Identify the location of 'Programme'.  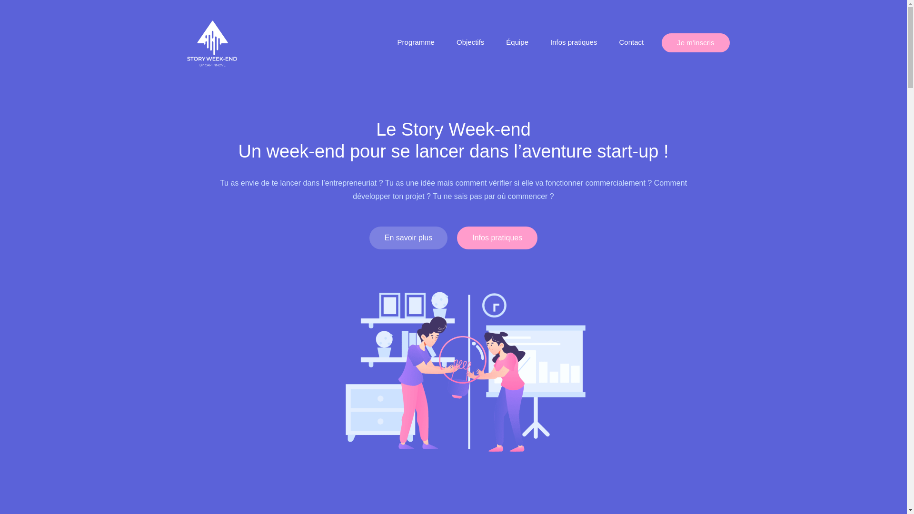
(416, 42).